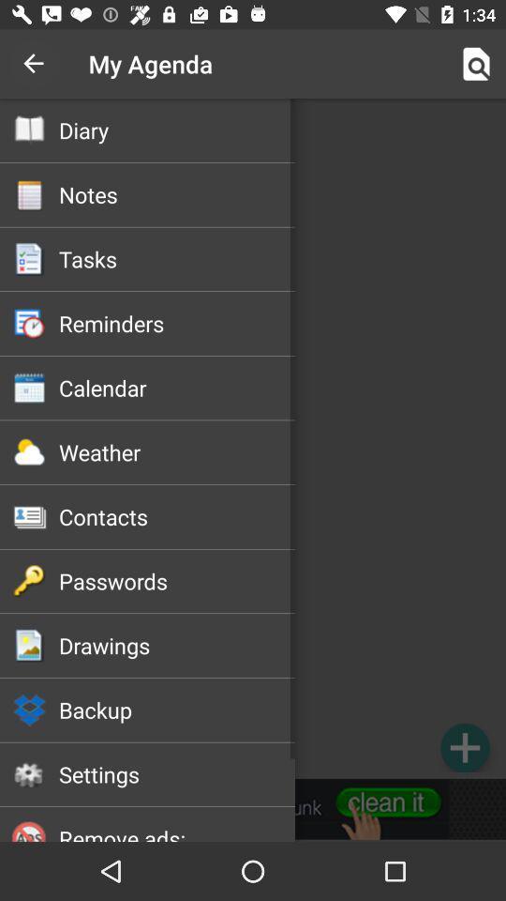  Describe the element at coordinates (177, 774) in the screenshot. I see `settings icon` at that location.